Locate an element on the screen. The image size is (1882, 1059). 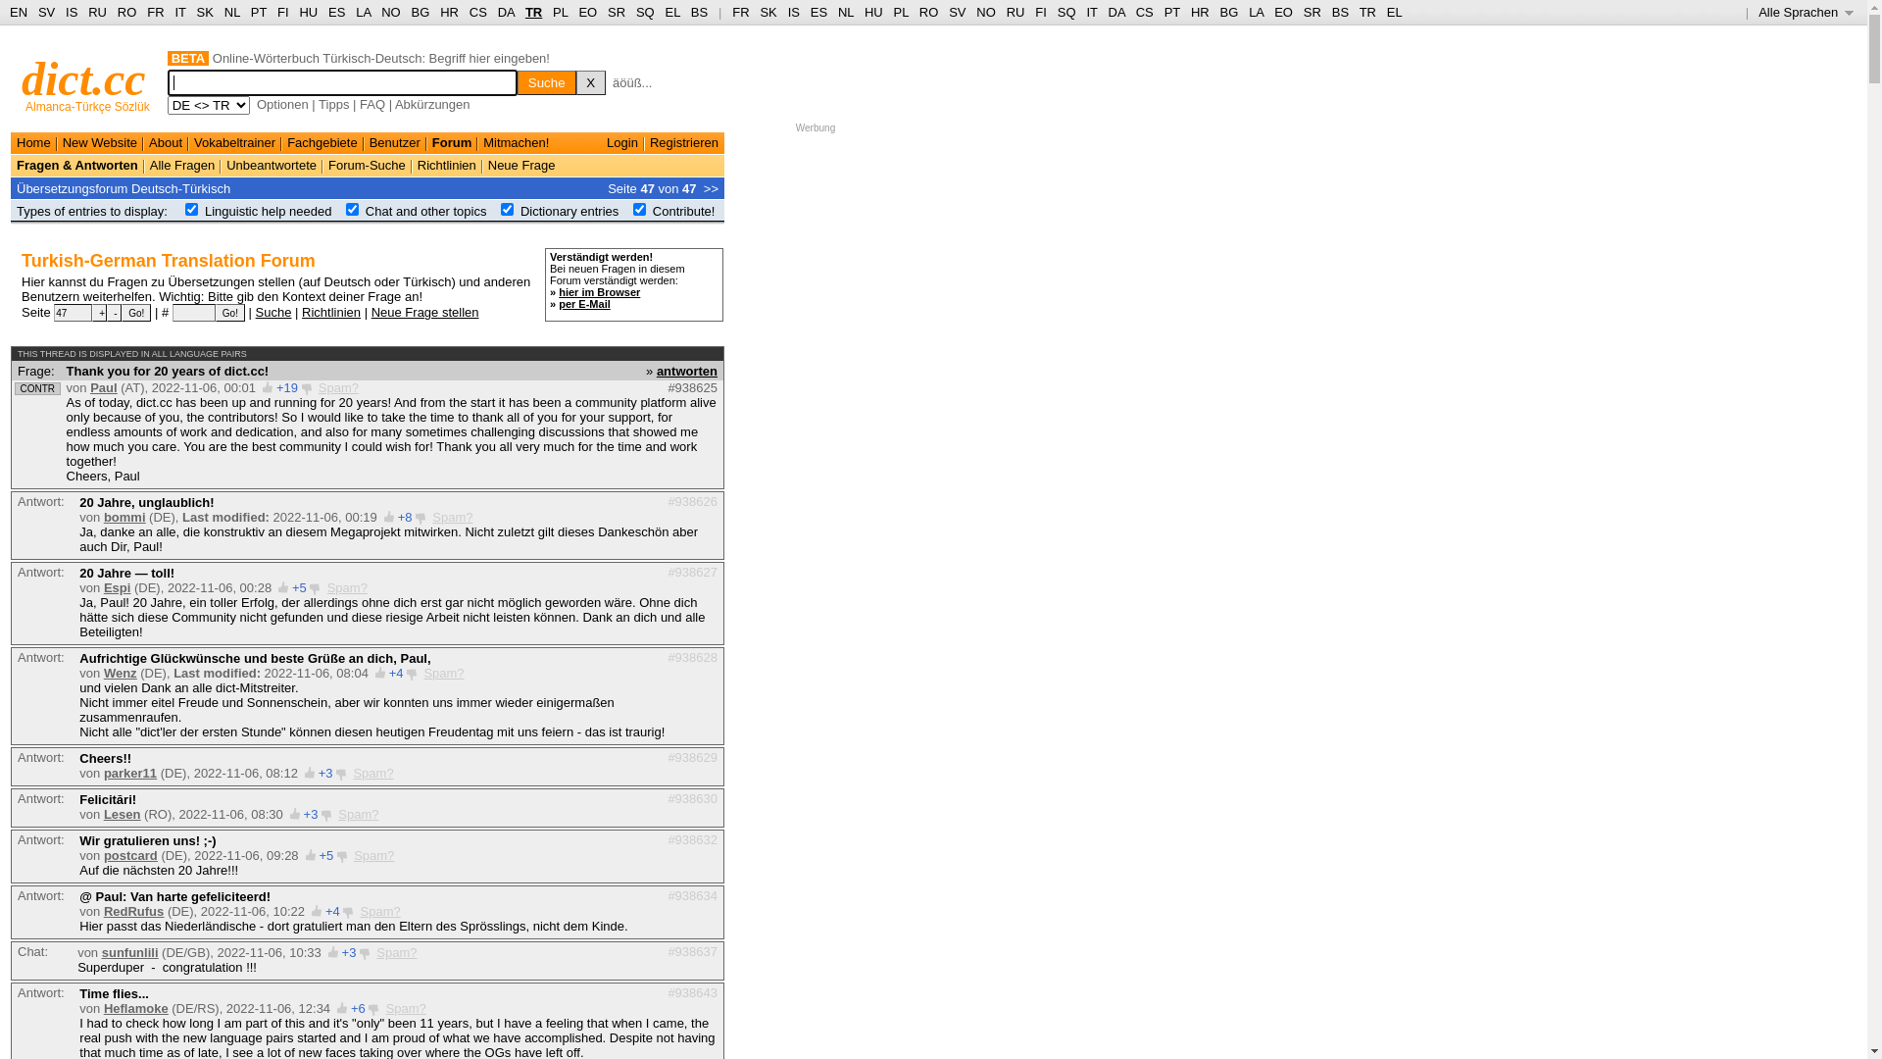
'EO' is located at coordinates (577, 12).